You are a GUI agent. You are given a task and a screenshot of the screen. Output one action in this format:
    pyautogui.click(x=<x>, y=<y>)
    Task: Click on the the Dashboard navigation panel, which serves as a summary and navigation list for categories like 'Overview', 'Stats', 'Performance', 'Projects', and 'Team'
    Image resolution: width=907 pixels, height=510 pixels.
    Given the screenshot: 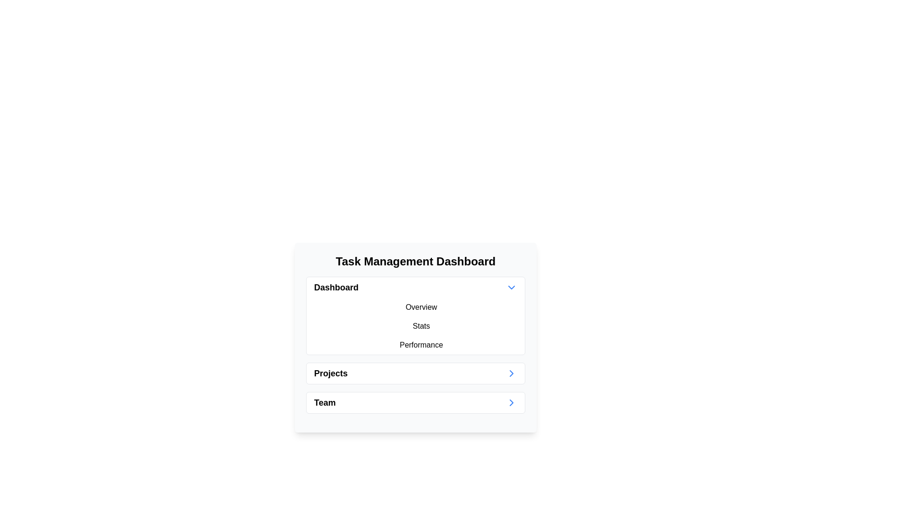 What is the action you would take?
    pyautogui.click(x=415, y=337)
    